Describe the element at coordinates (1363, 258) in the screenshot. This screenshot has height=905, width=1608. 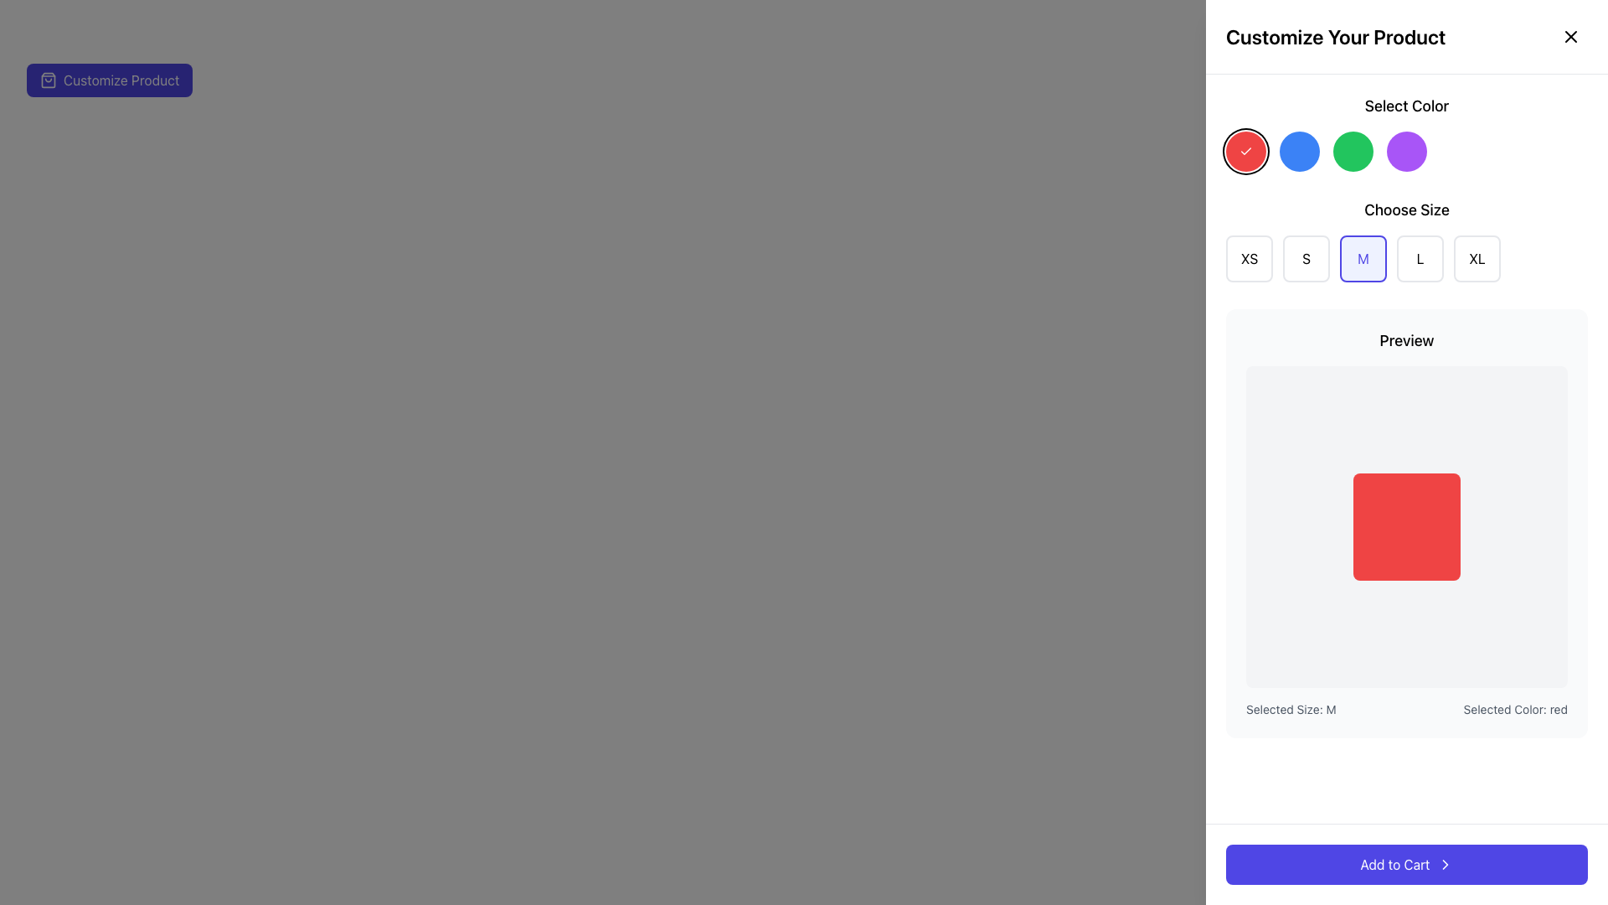
I see `the button labeled 'M' with a light blue background and indigo text` at that location.